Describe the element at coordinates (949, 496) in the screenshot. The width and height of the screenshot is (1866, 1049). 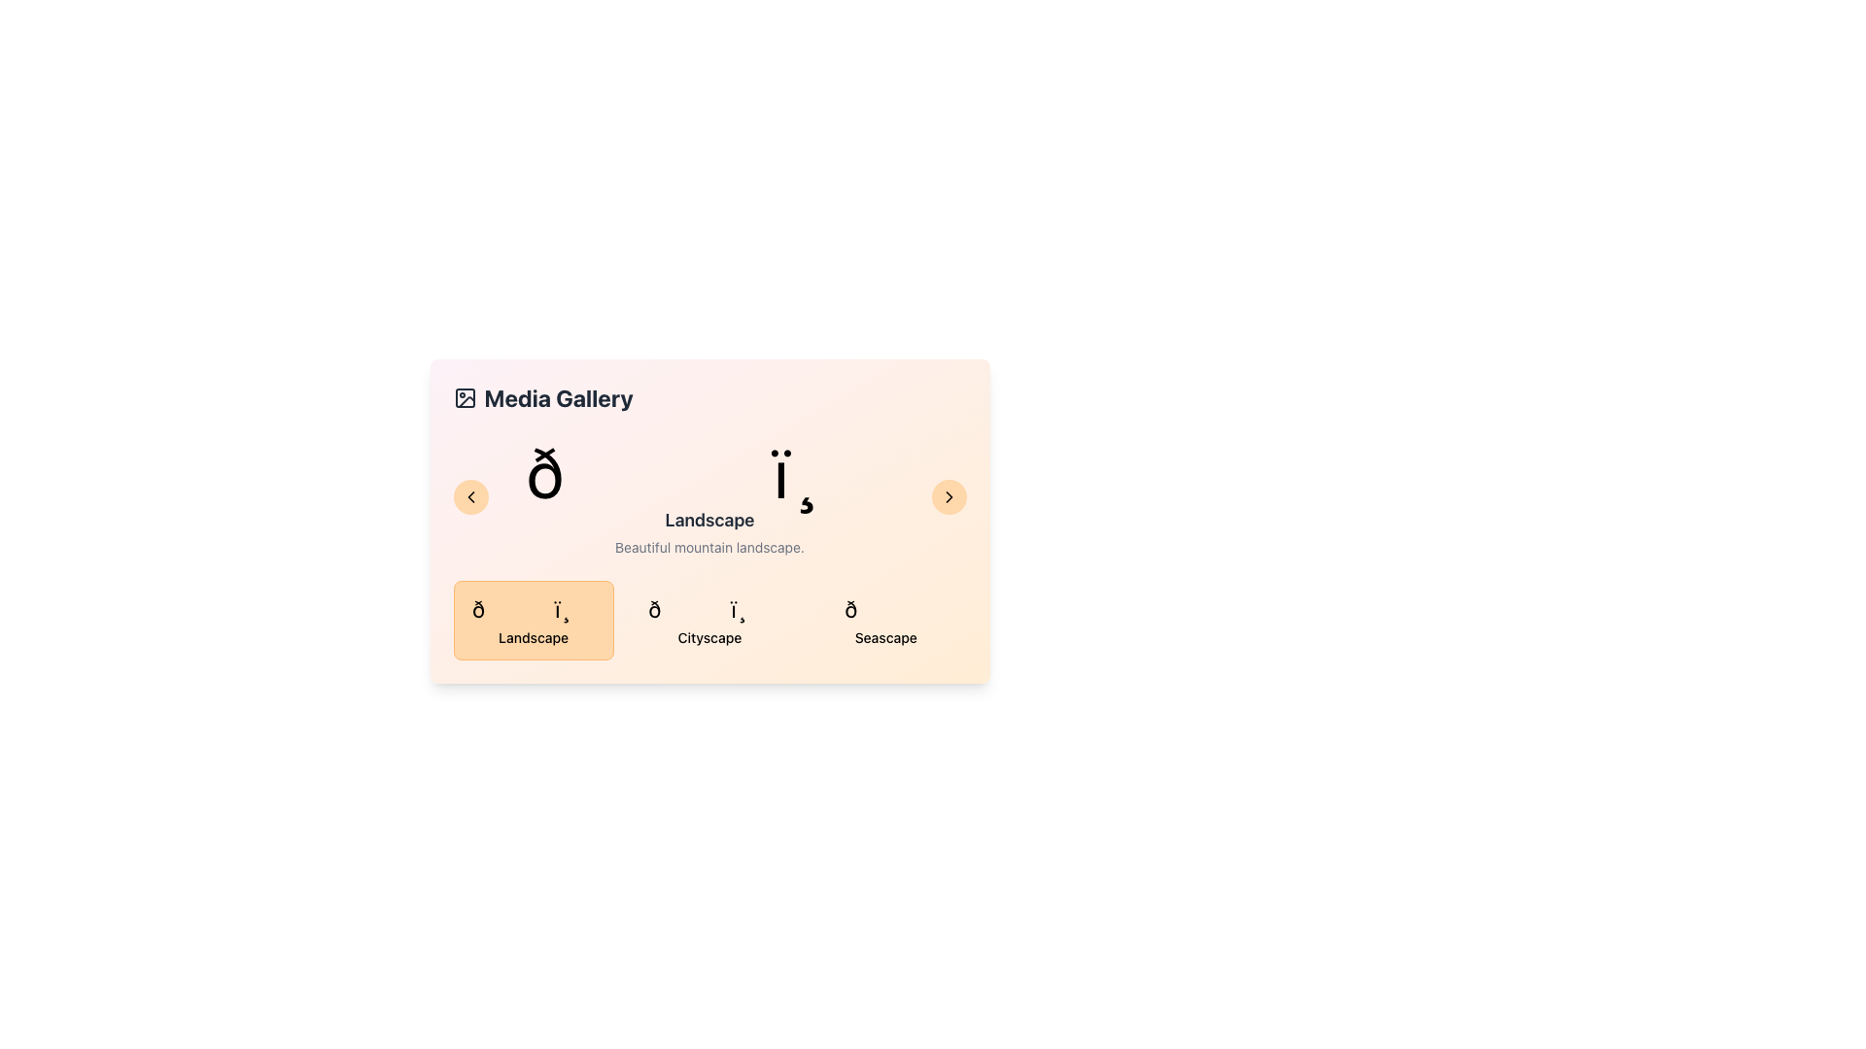
I see `the right-pointing chevron arrow icon located in the top right corner of the media gallery card` at that location.